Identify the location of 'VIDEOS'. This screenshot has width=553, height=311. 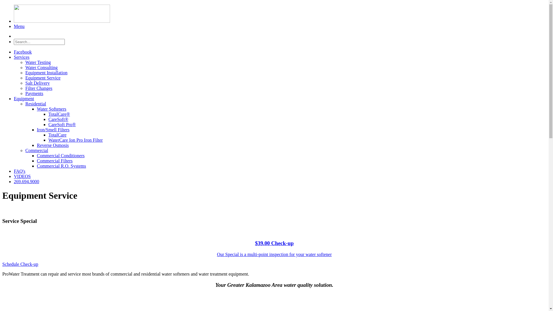
(22, 176).